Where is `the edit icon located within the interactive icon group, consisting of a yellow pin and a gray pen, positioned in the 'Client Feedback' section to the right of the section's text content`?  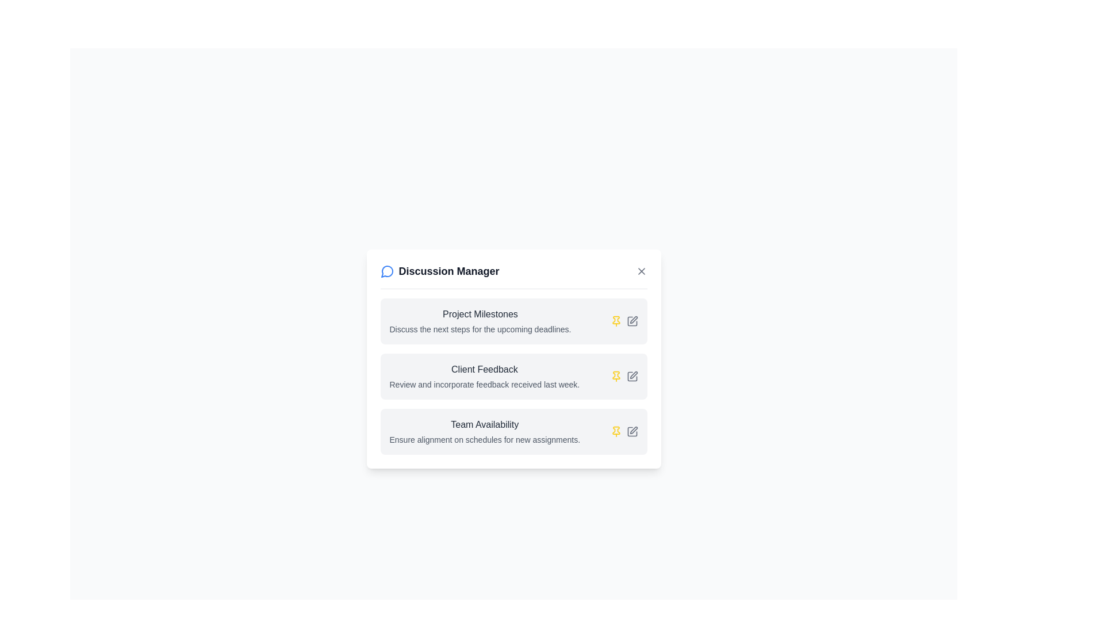 the edit icon located within the interactive icon group, consisting of a yellow pin and a gray pen, positioned in the 'Client Feedback' section to the right of the section's text content is located at coordinates (623, 376).